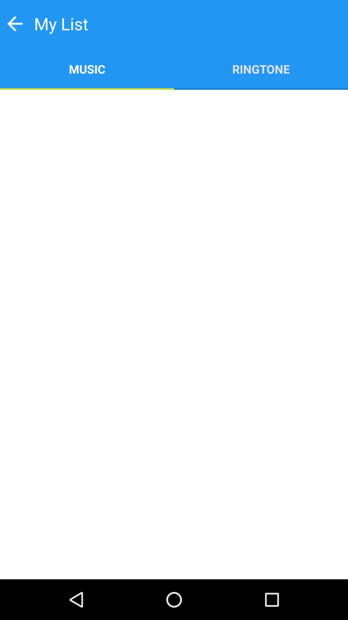 The width and height of the screenshot is (348, 620). Describe the element at coordinates (174, 335) in the screenshot. I see `item below music icon` at that location.